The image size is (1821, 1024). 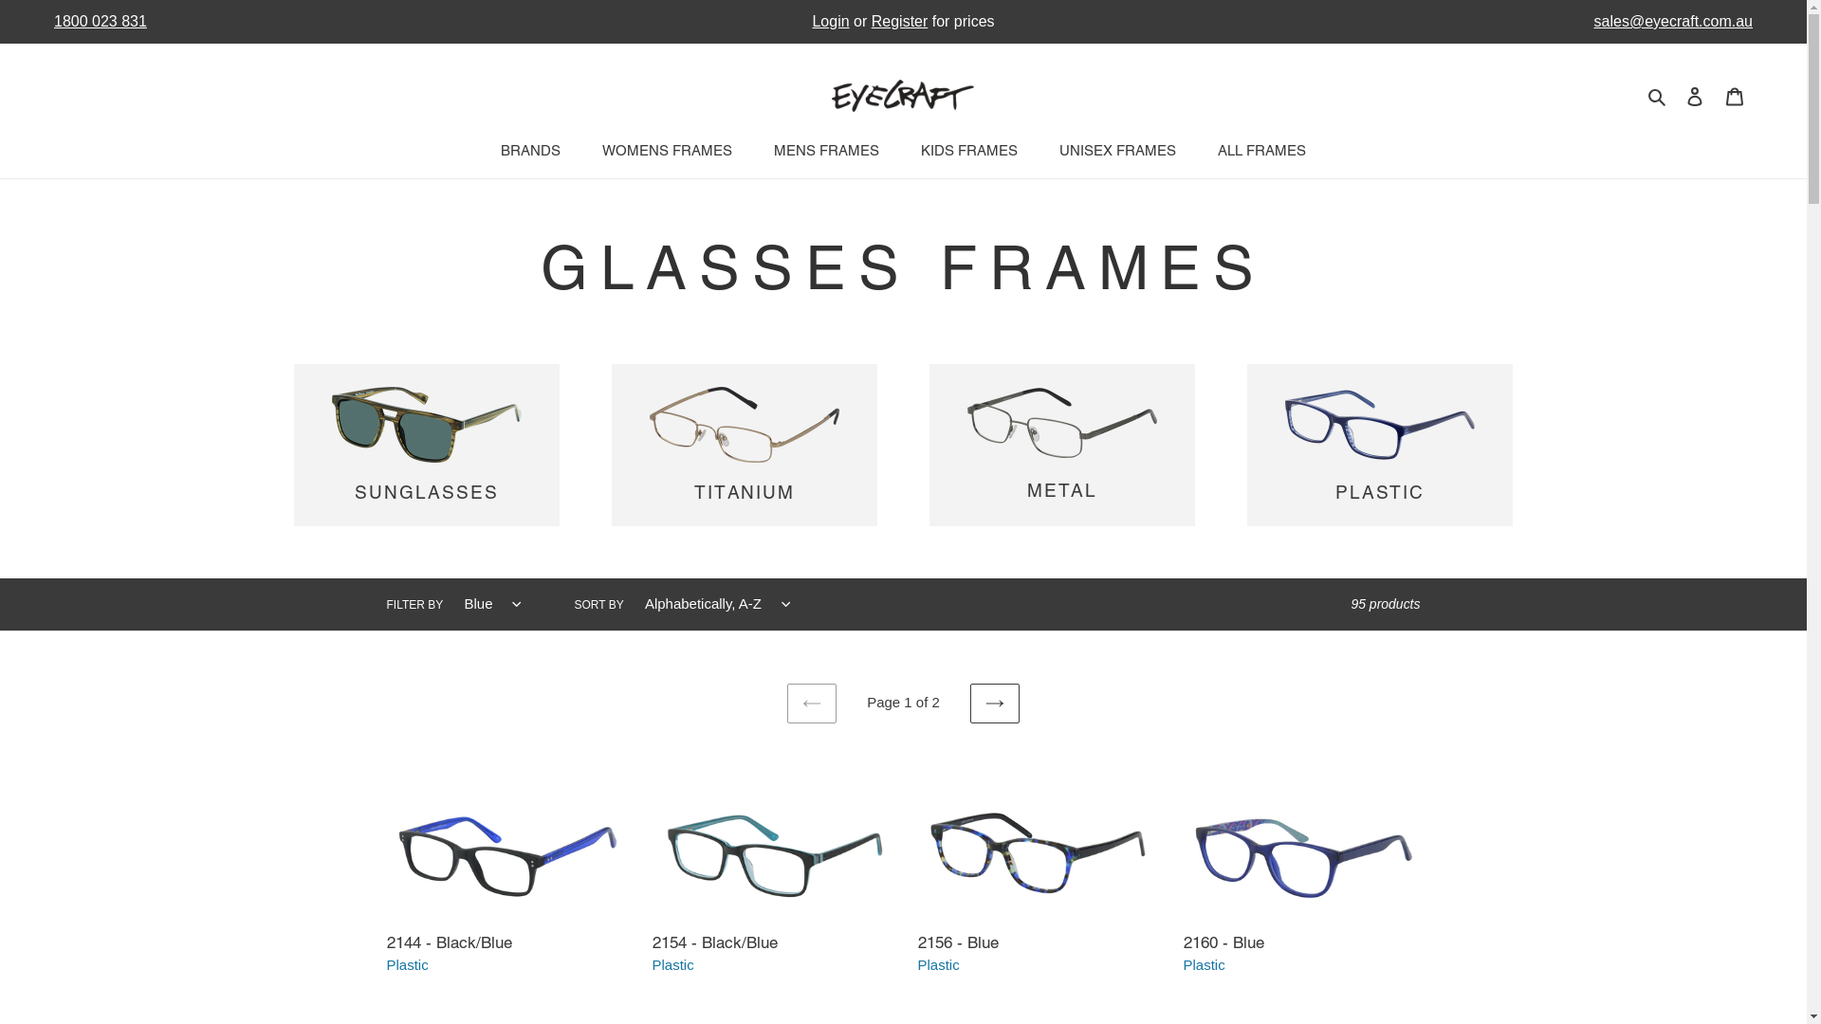 I want to click on 'BRANDS', so click(x=530, y=152).